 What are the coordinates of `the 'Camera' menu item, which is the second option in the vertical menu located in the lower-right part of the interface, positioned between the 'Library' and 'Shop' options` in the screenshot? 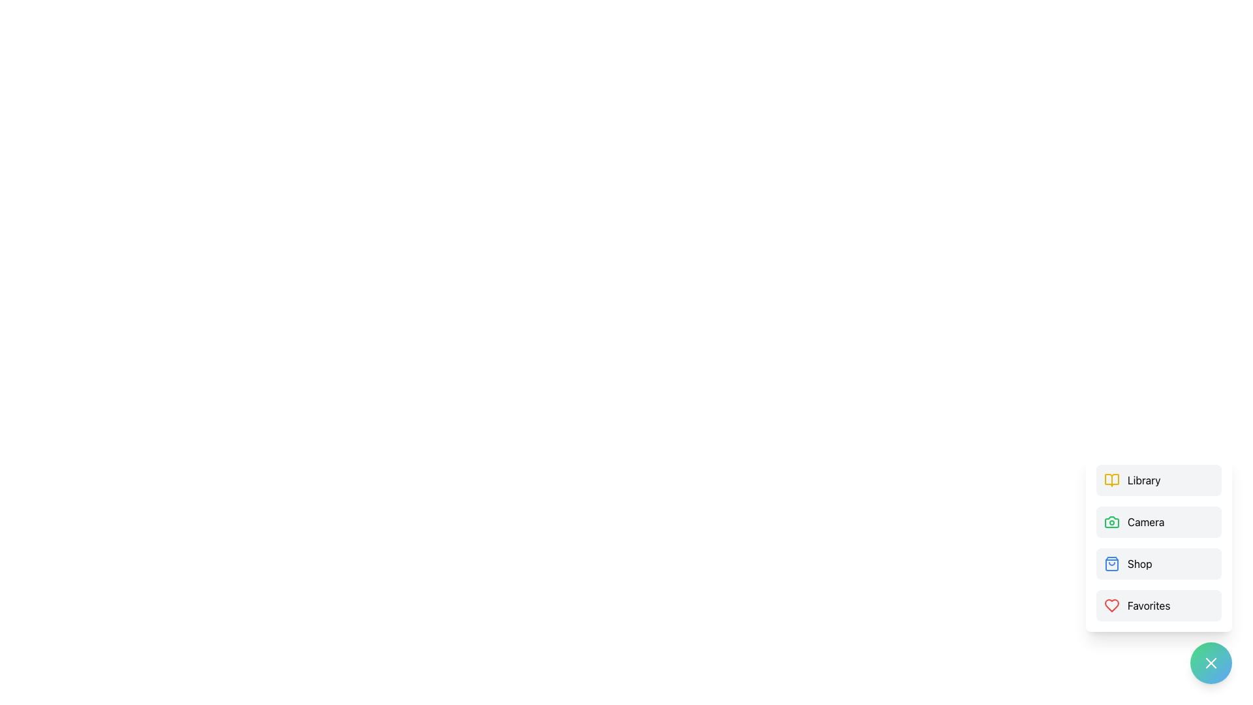 It's located at (1159, 543).